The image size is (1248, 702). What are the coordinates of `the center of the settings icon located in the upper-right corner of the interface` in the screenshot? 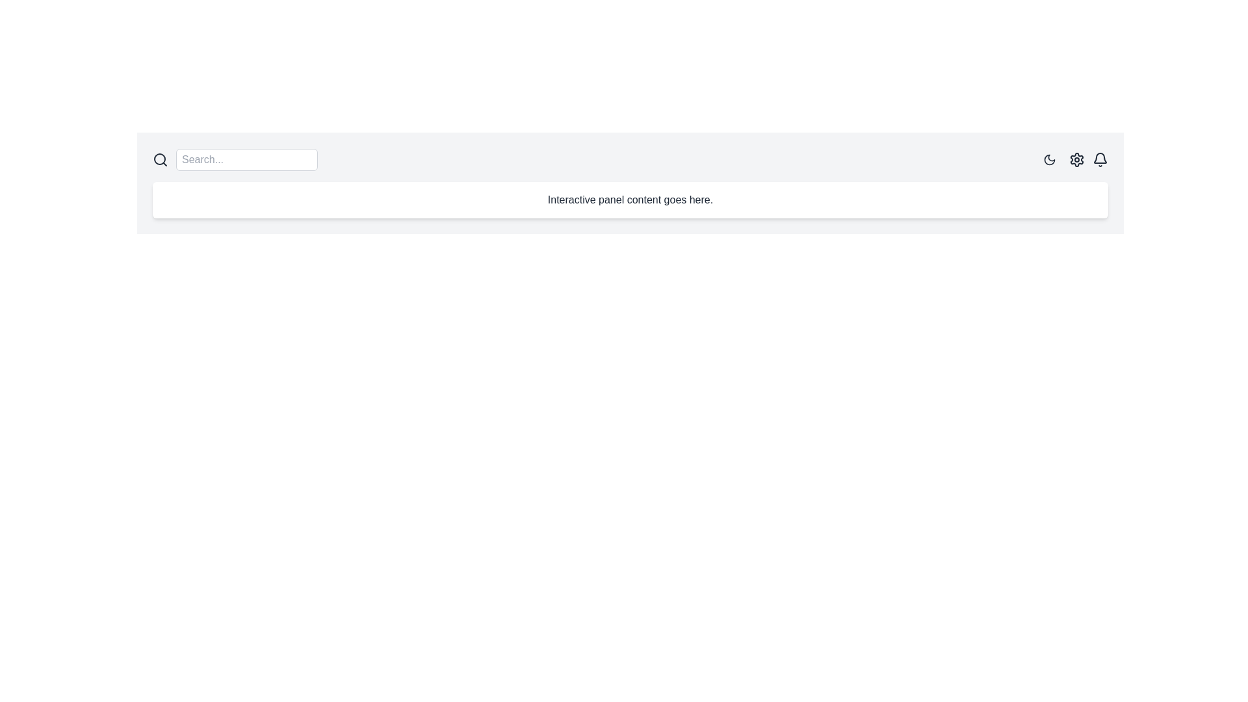 It's located at (1076, 159).